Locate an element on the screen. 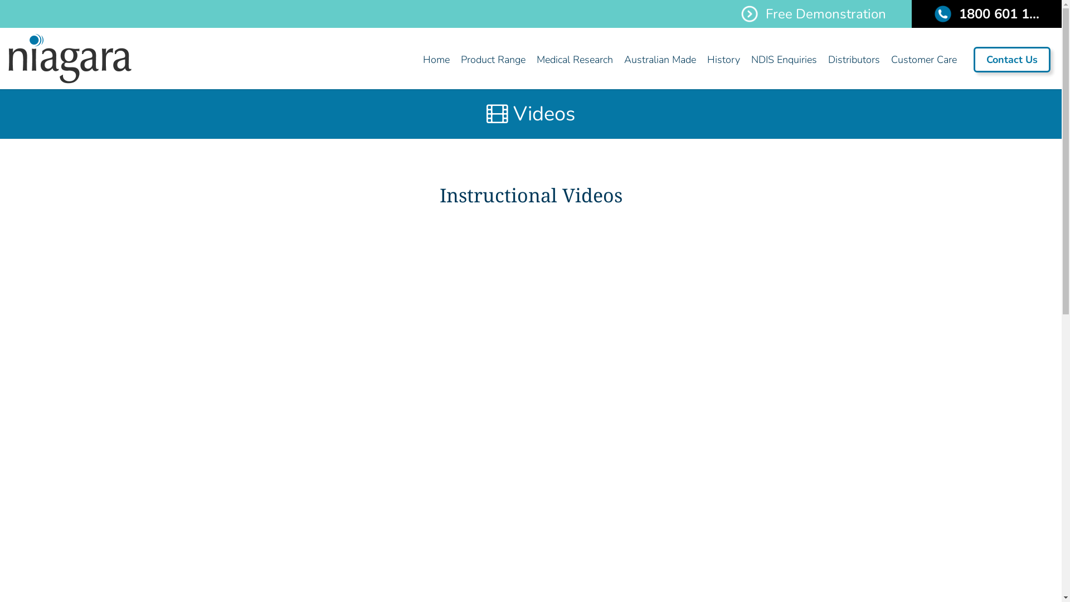  'Free Demonstration' is located at coordinates (813, 13).